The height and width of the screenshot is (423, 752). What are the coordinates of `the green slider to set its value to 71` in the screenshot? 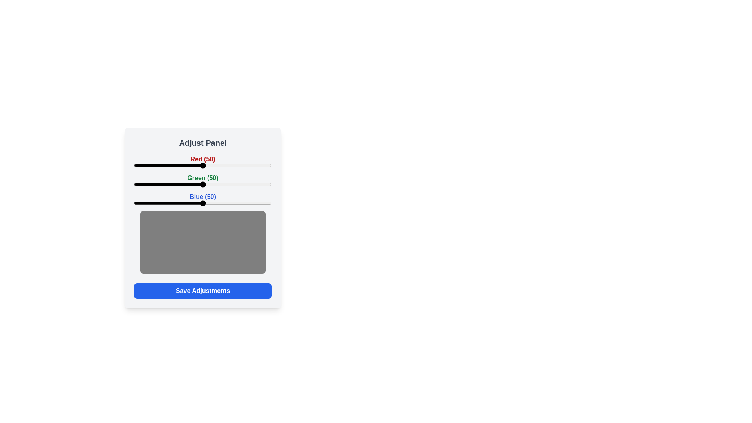 It's located at (231, 184).